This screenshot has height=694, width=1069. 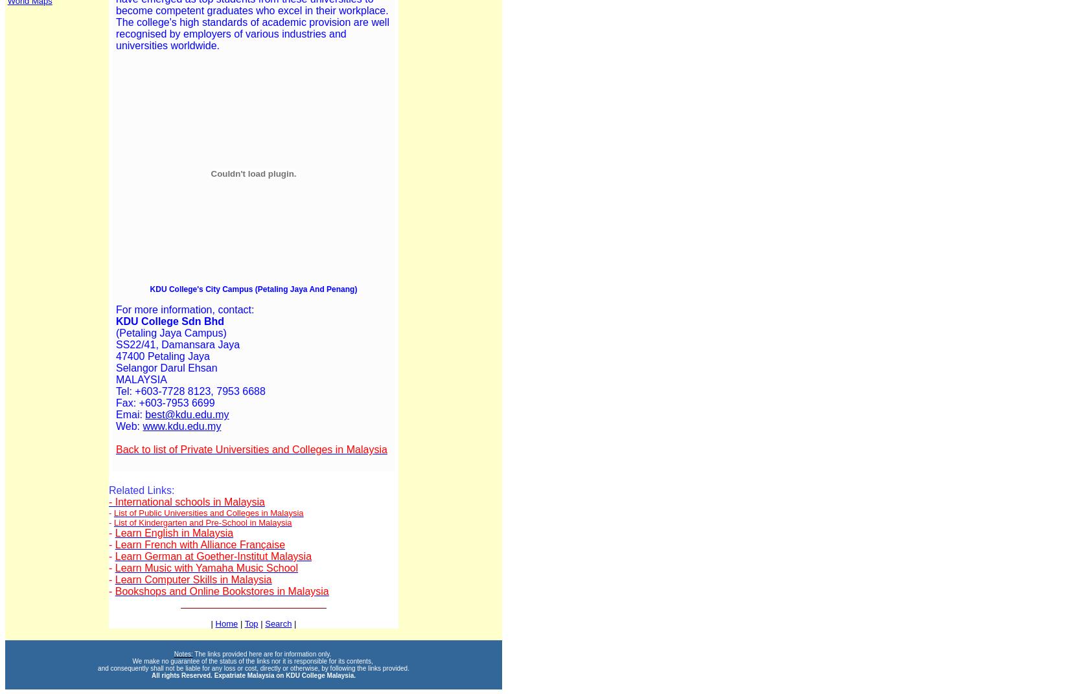 I want to click on 'MALAYSIA', so click(x=116, y=379).